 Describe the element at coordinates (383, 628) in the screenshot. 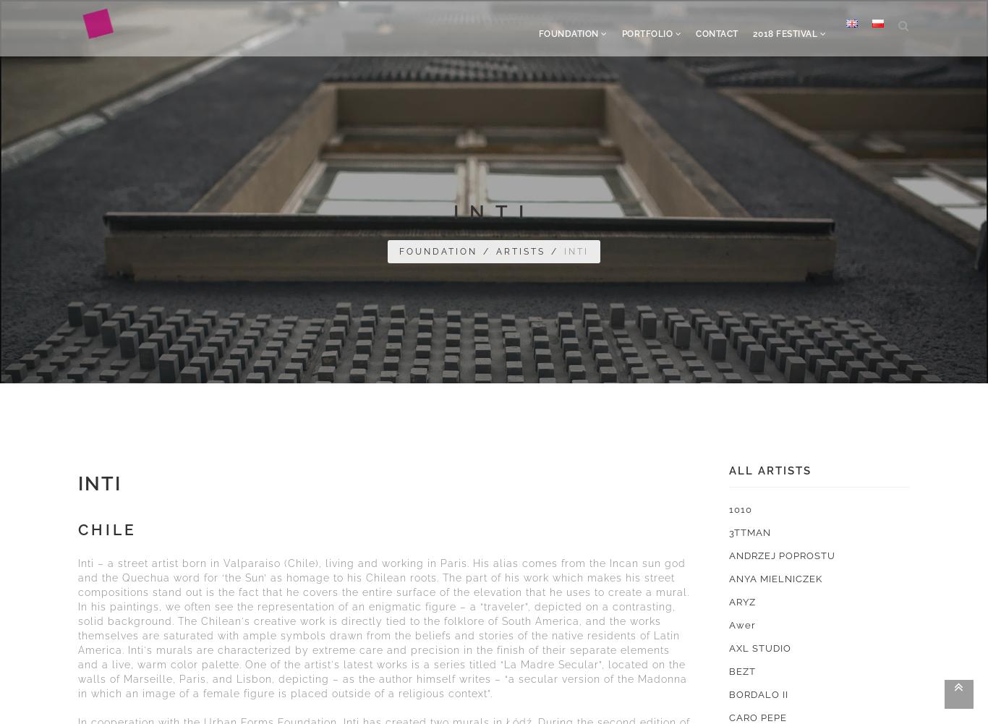

I see `'Inti – a street artist born in Valparaiso (Chile), living and working in Paris. His alias comes from the Incan sun god and the Quechua word for ‘the Sun’ as homage to his Chilean roots. The part of his work which makes his street compositions stand out is the fact that he covers the entire surface of the elevation that he uses to create a mural. In his paintings, we often see the representation of an enigmatic figure – a “traveler”, depicted on a contrasting, solid background. The Chilean's creative work is directly tied to the folklore of South America, and the works themselves are saturated with ample symbols drawn from the beliefs and stories of the native residents of Latin America. Inti's murals are characterized by extreme care and precision in the finish of their separate elements and a live, warm color palette. One of the artist's latest works is a series titled “La Madre Secular”, located on the walls of Marseille, Paris, and Lisbon, depicting – as the author himself writes – “a secular version of the Madonna in which an image of a female figure is placed outside of a religious context”.'` at that location.